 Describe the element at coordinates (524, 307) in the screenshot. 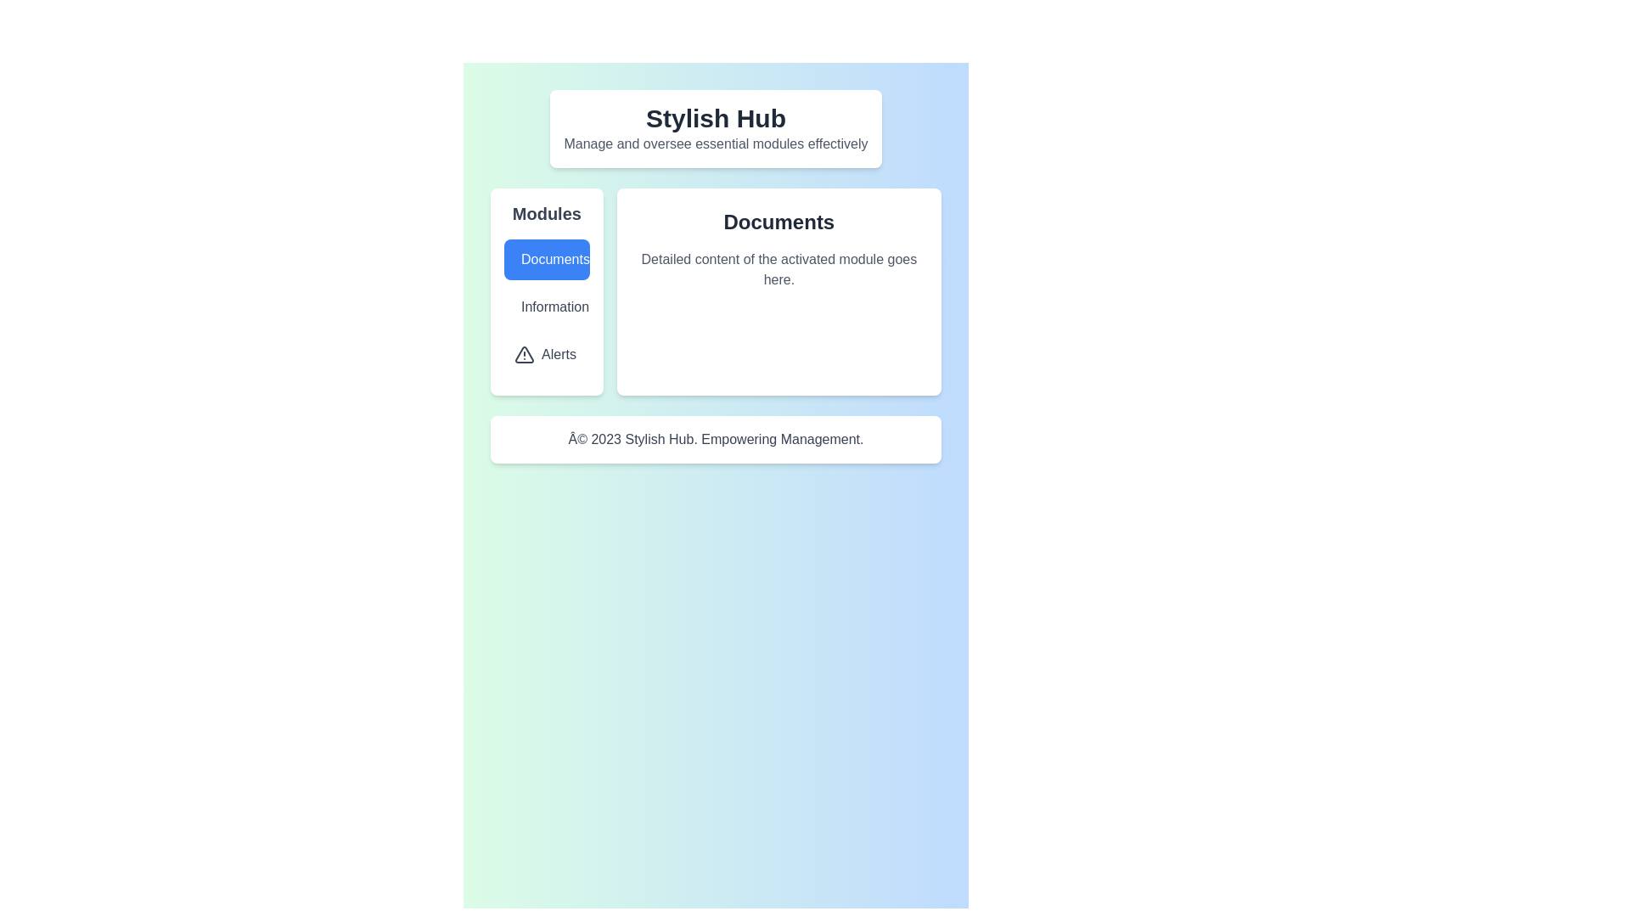

I see `the SVG circle component next to the 'Information' text within the second entry of the 'Modules' list` at that location.